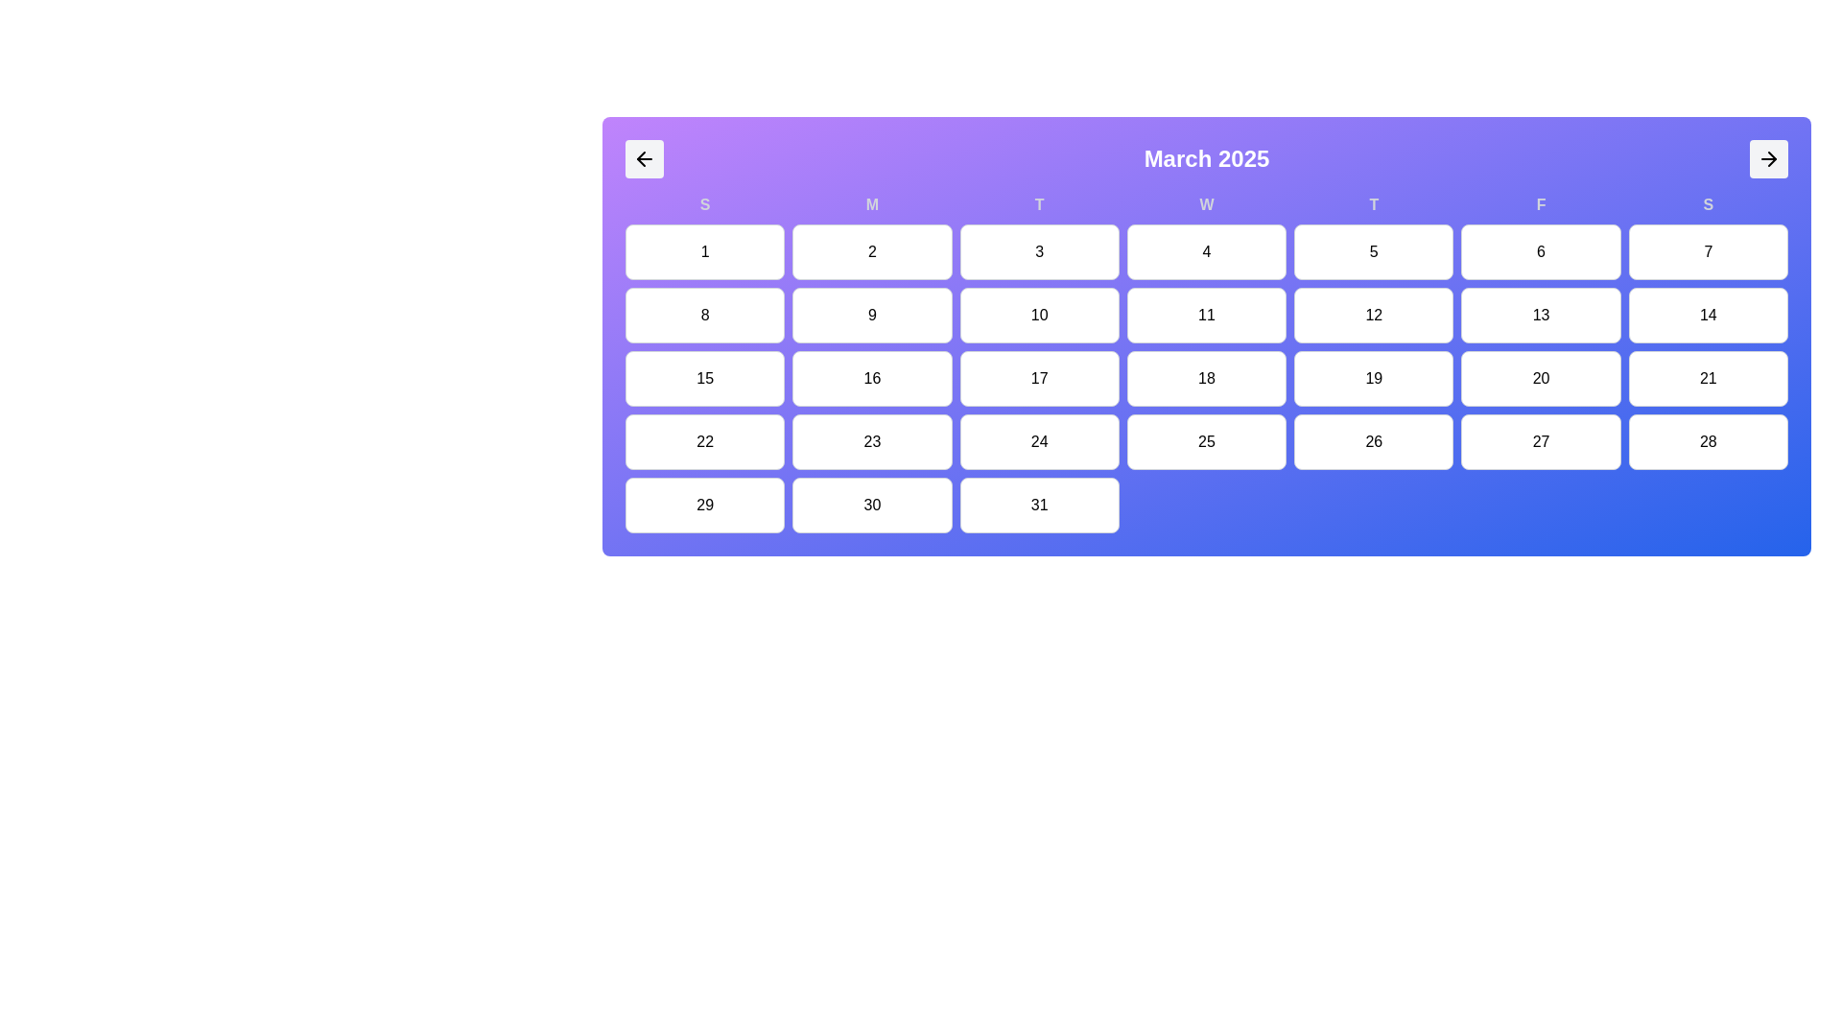 This screenshot has height=1036, width=1842. I want to click on the bold letter 'M' displayed in gray color, which is the second item in the row of weekday labels in the calendar interface, located above the date '2', so click(871, 204).